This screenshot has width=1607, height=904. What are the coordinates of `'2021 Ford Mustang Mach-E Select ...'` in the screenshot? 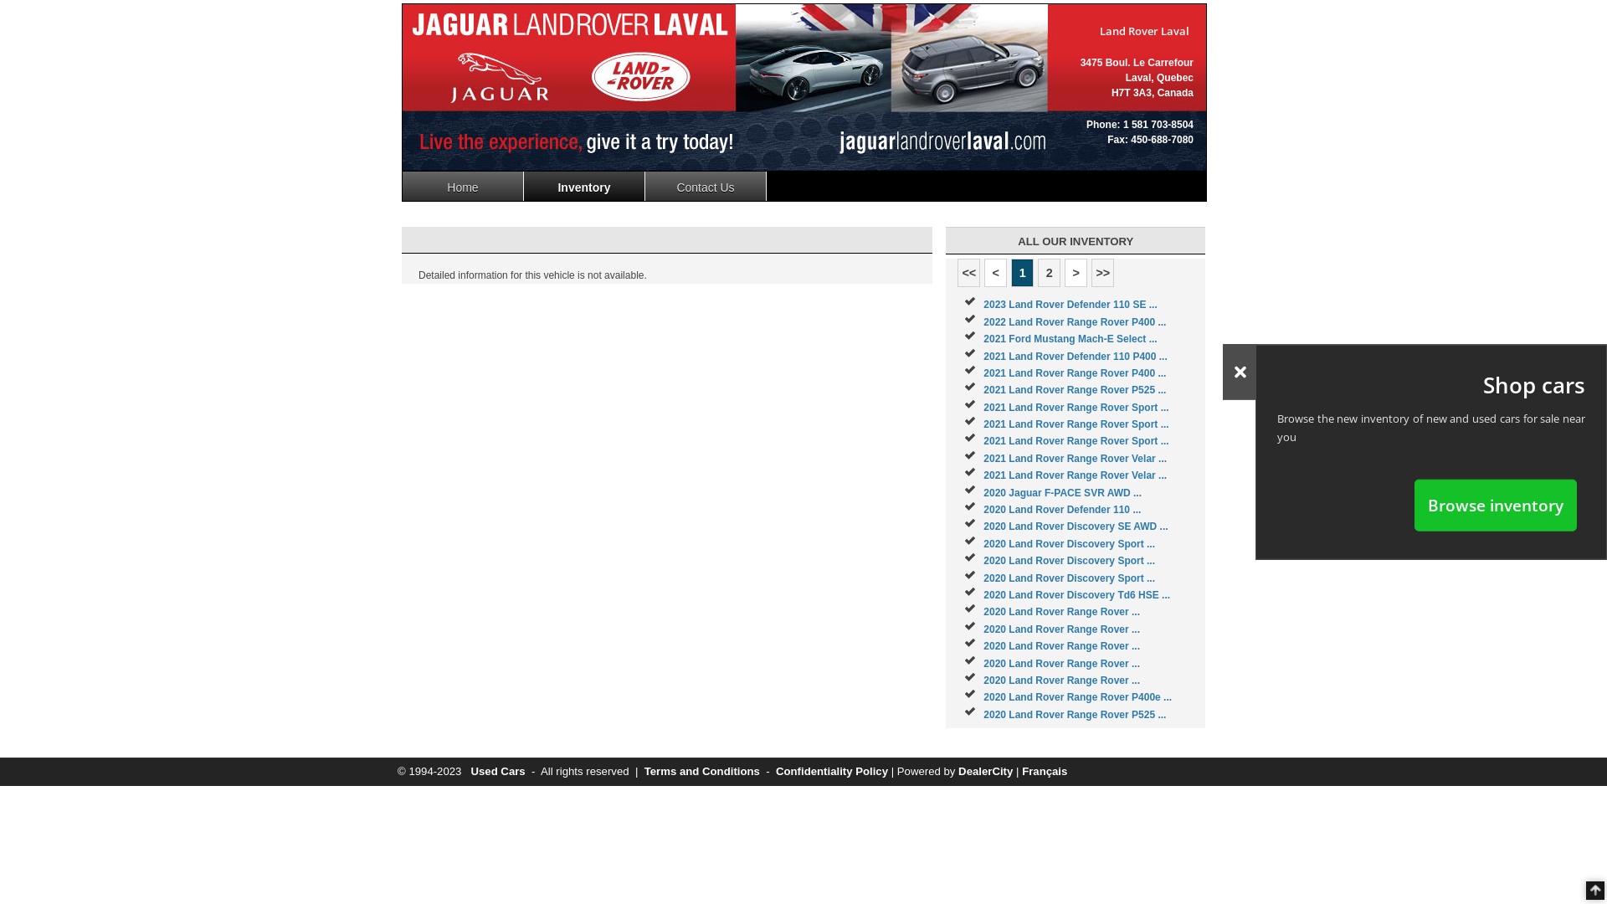 It's located at (1069, 339).